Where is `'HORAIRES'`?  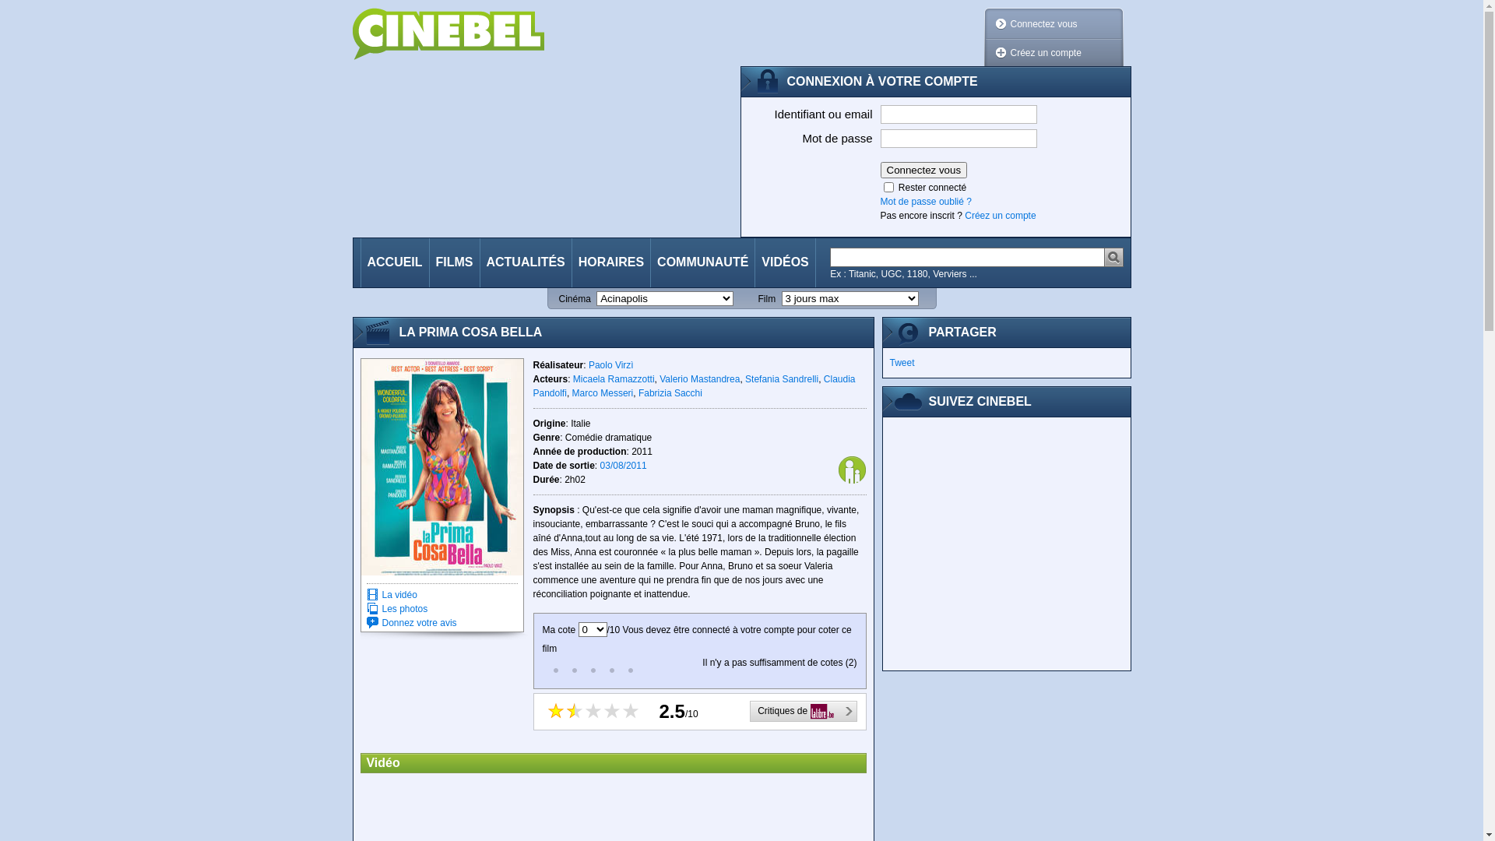
'HORAIRES' is located at coordinates (610, 262).